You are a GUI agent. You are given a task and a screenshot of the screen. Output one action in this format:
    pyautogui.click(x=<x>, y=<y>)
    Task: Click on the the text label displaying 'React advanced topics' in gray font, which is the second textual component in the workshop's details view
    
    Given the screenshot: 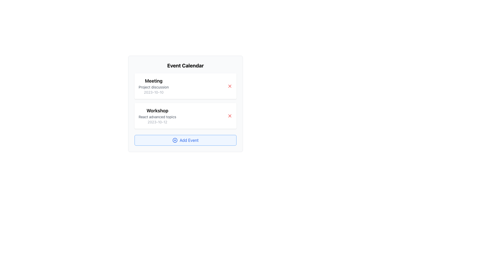 What is the action you would take?
    pyautogui.click(x=157, y=117)
    